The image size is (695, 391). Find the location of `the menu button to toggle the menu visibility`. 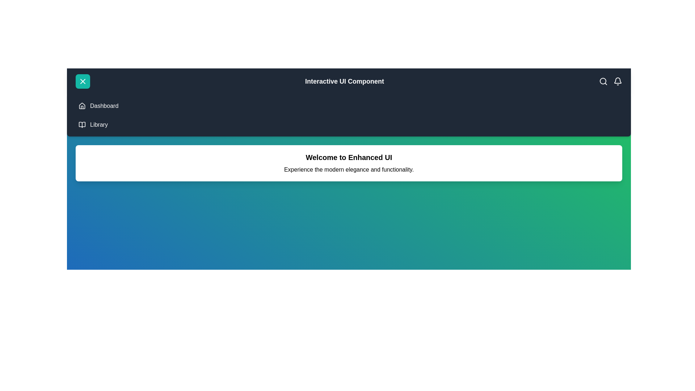

the menu button to toggle the menu visibility is located at coordinates (83, 81).